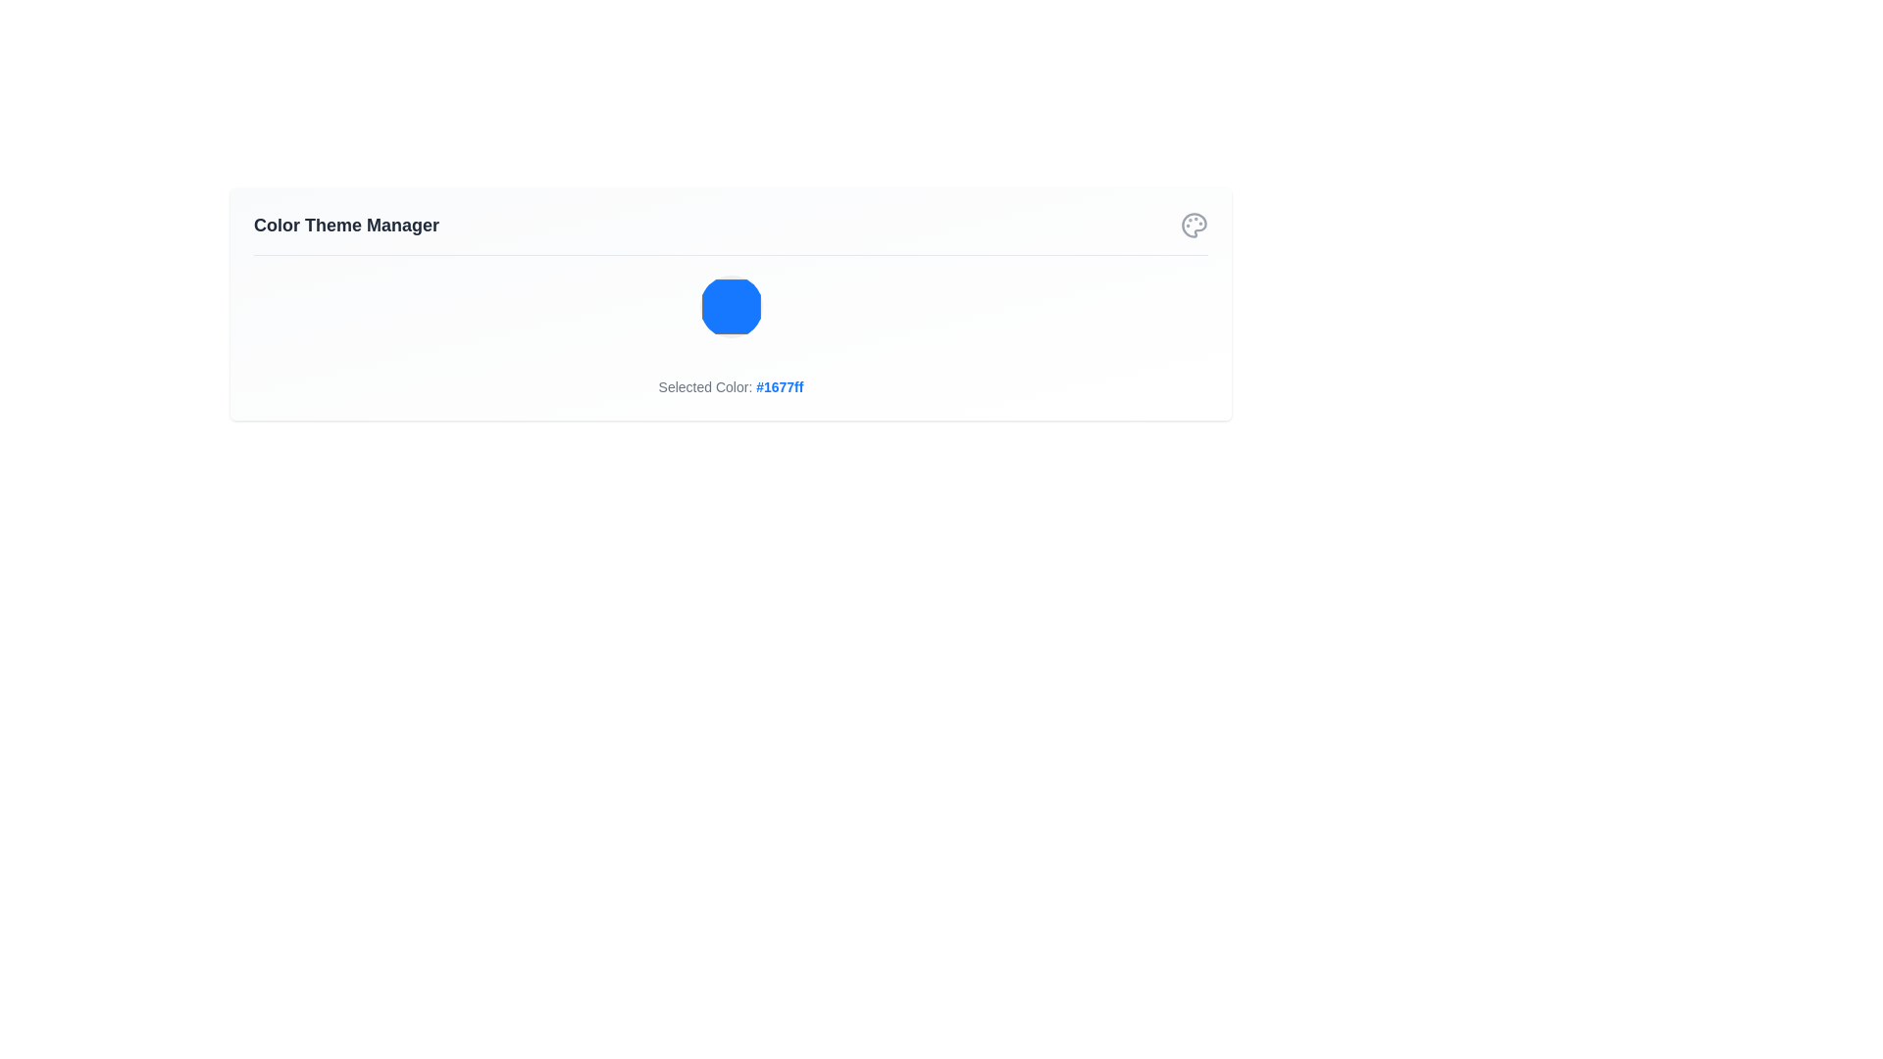  I want to click on the palette icon in the 'Color Theme Manager' section, so click(1194, 225).